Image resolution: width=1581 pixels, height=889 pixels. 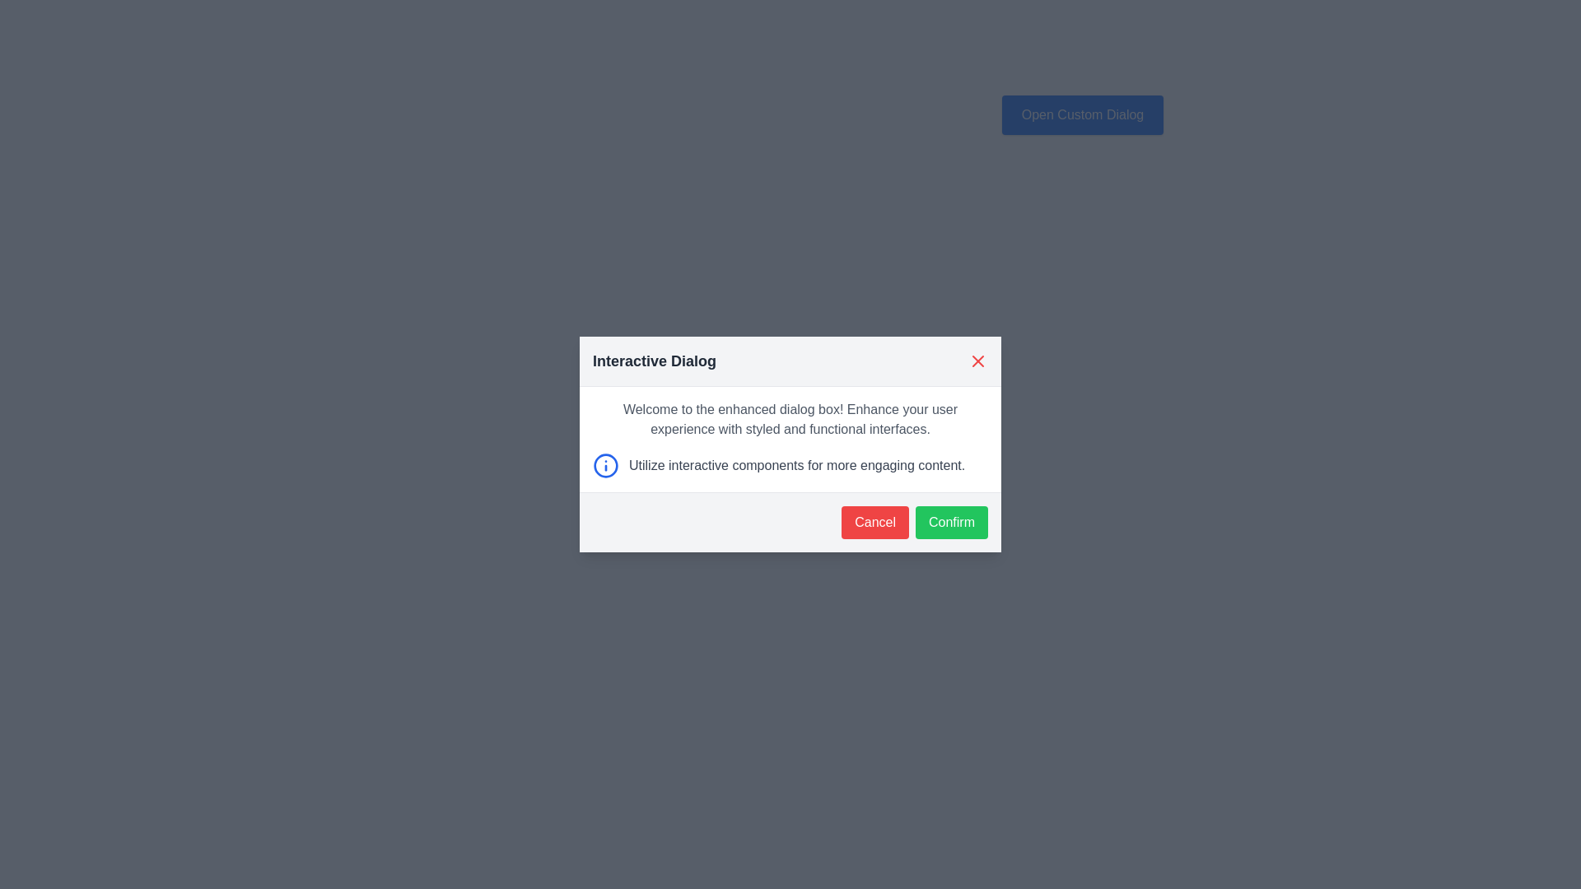 I want to click on the gray styled text reading 'Utilize interactive components for more engaging content.' located in the dialog box below the blue information icon, so click(x=797, y=466).